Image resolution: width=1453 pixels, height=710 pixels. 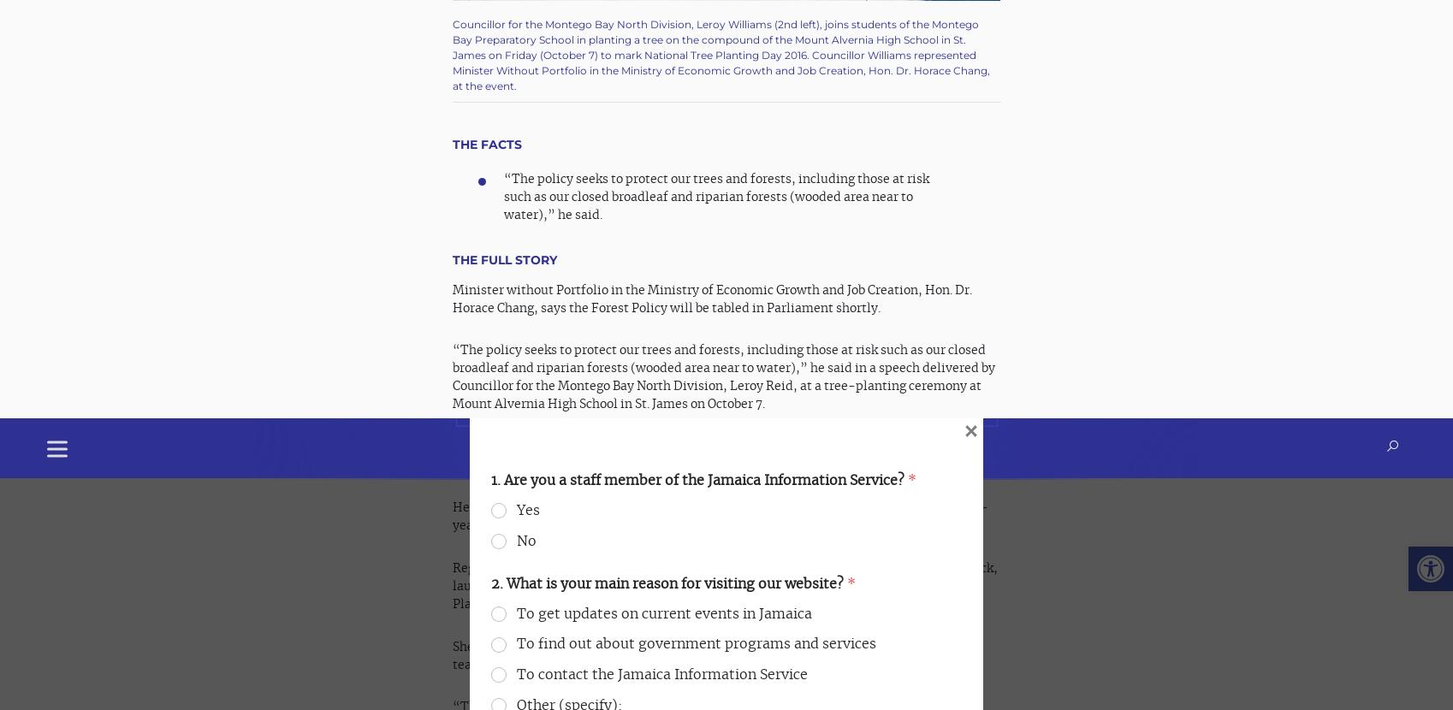 I want to click on 'Kingston 10', so click(x=766, y=647).